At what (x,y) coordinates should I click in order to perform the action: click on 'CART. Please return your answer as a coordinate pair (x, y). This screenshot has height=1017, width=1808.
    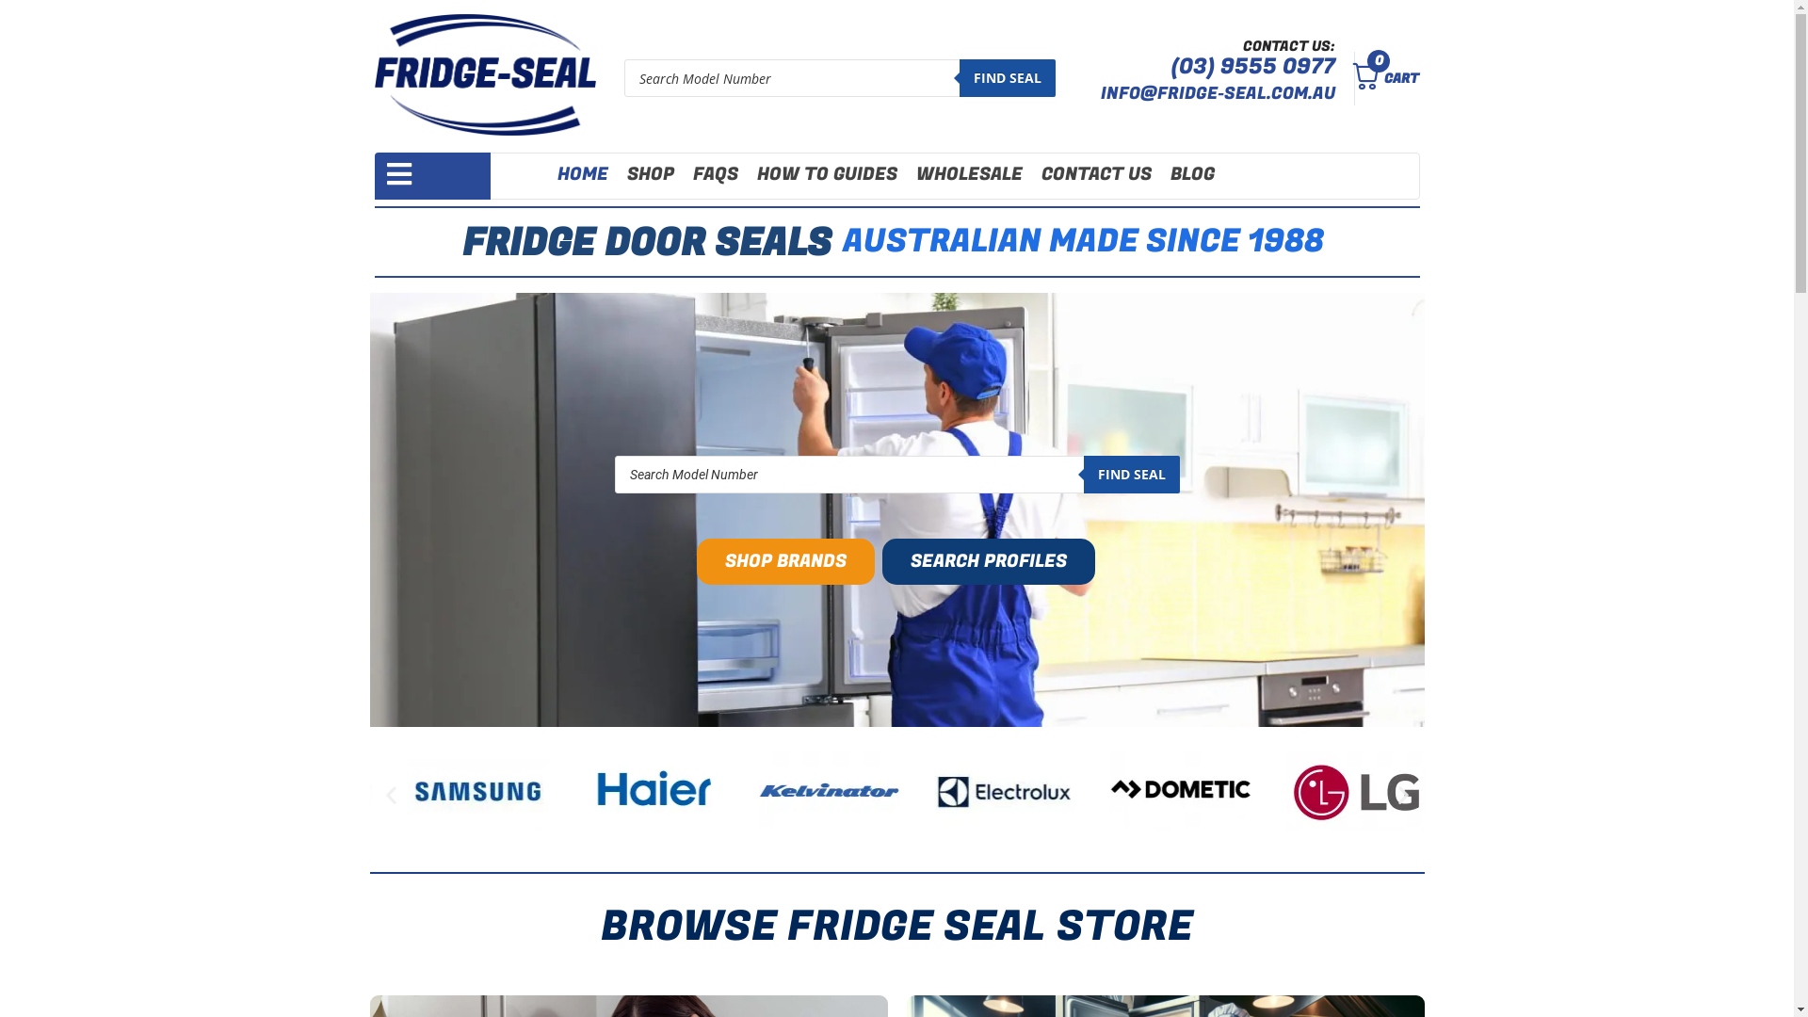
    Looking at the image, I should click on (1380, 77).